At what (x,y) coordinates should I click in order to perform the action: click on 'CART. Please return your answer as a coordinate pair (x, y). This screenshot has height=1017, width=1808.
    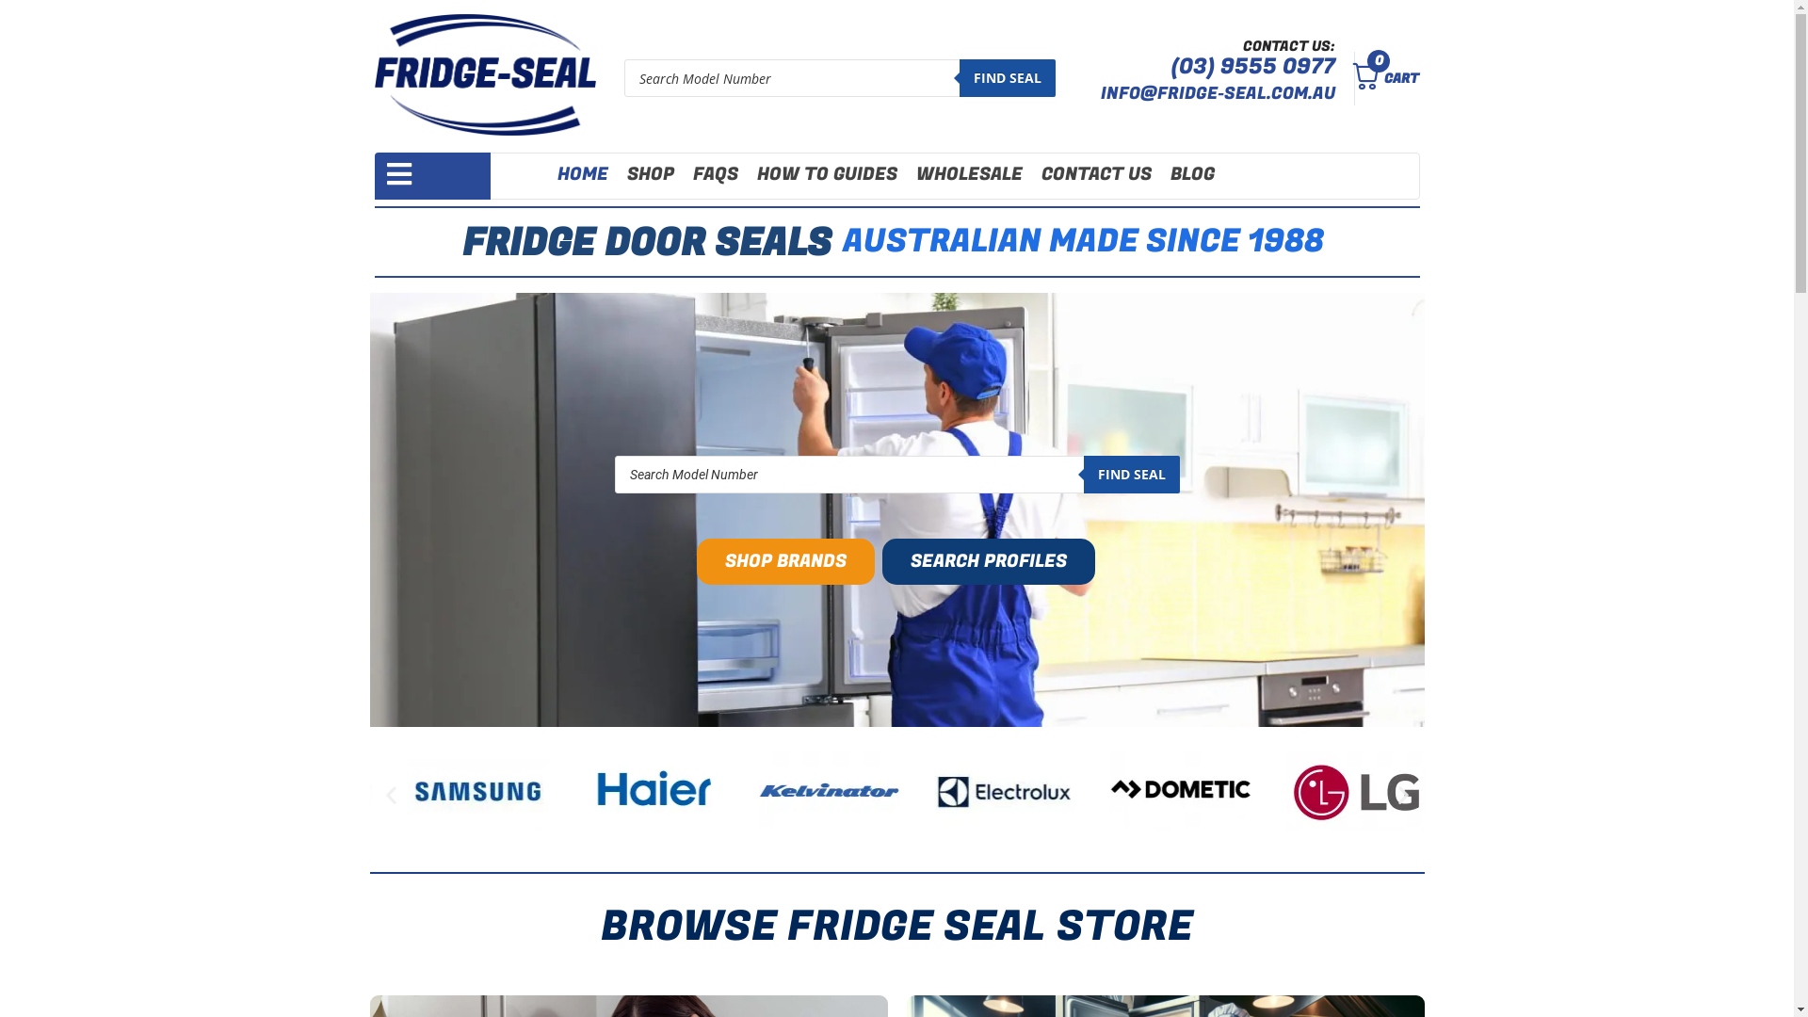
    Looking at the image, I should click on (1380, 77).